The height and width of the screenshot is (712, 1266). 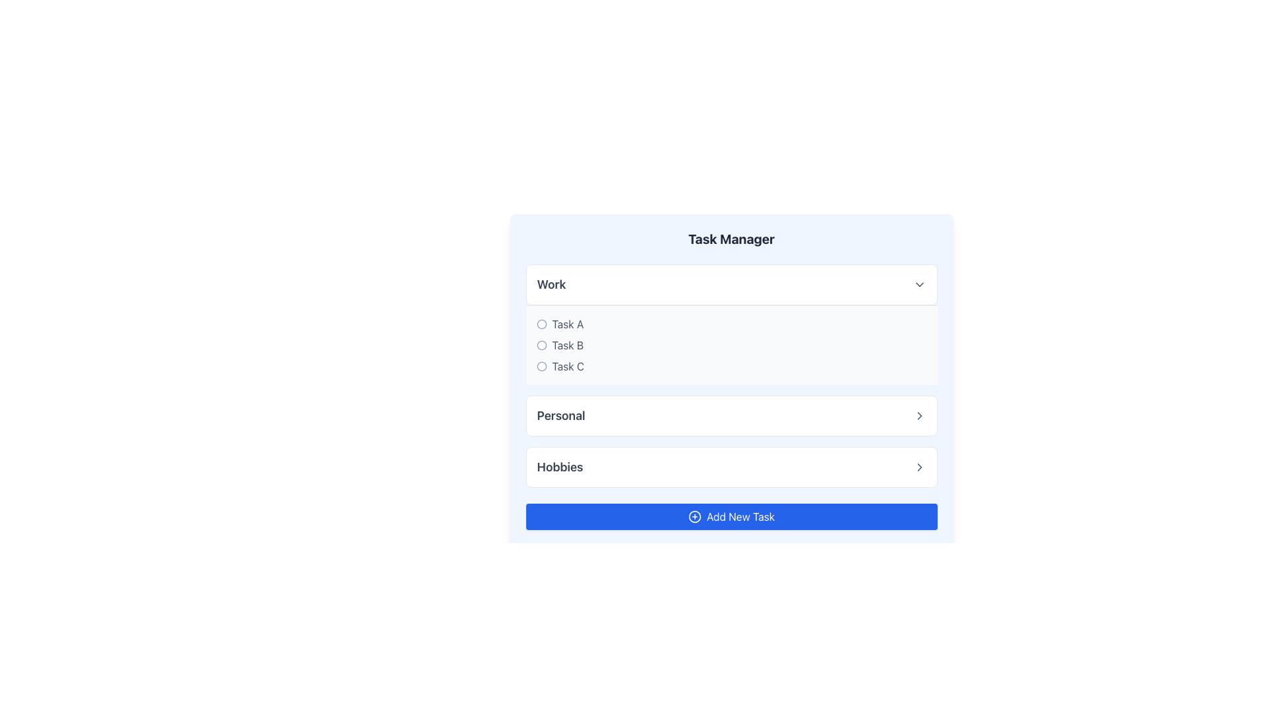 What do you see at coordinates (541, 366) in the screenshot?
I see `the unselected radio button for 'Task C' located in the 'Work' section` at bounding box center [541, 366].